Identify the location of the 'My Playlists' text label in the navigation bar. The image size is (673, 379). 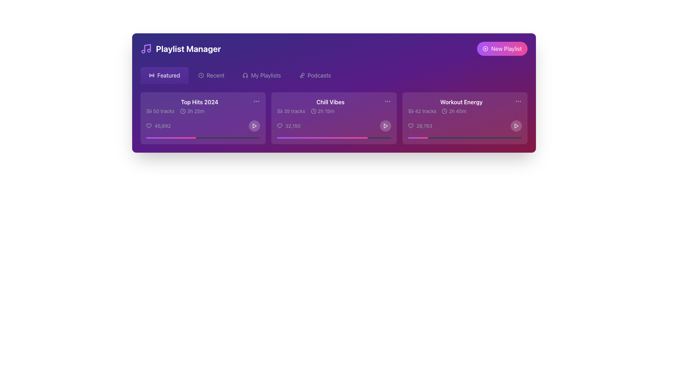
(265, 75).